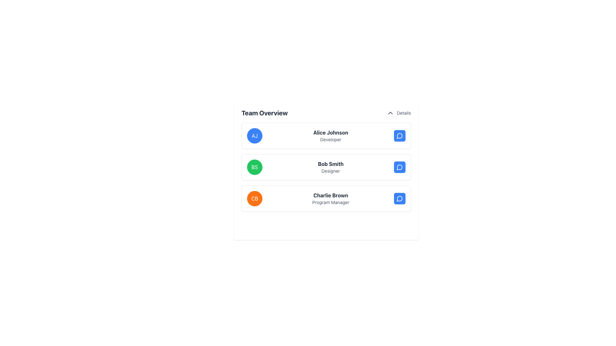  Describe the element at coordinates (326, 167) in the screenshot. I see `the name of the second team member in the list` at that location.